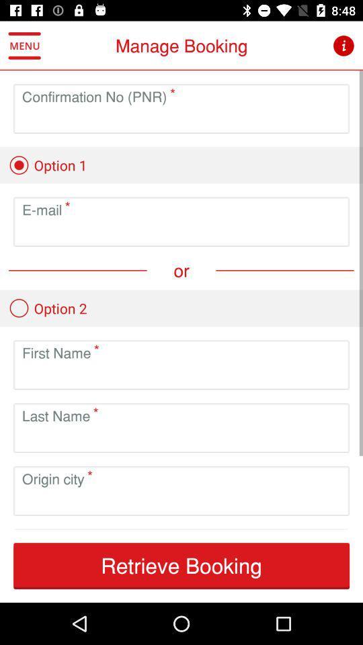 The width and height of the screenshot is (363, 645). Describe the element at coordinates (182, 376) in the screenshot. I see `input name` at that location.